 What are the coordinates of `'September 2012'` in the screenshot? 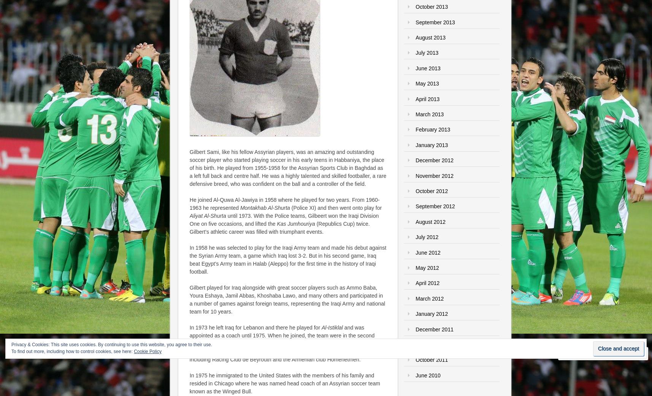 It's located at (435, 206).